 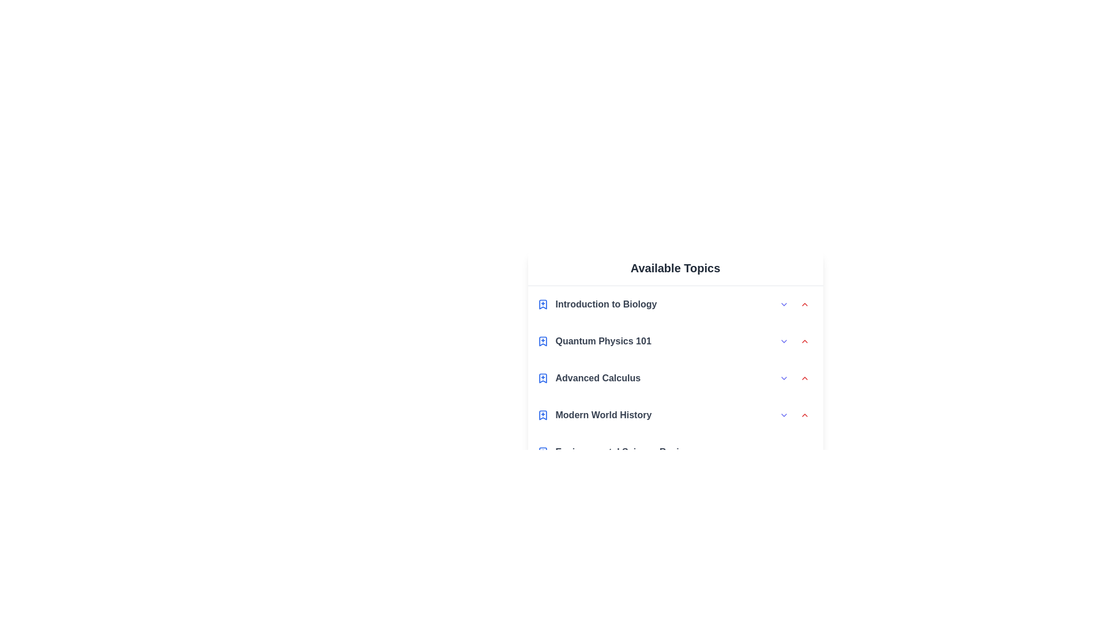 What do you see at coordinates (542, 451) in the screenshot?
I see `the bookmark icon of the topic Environmental Science Basics` at bounding box center [542, 451].